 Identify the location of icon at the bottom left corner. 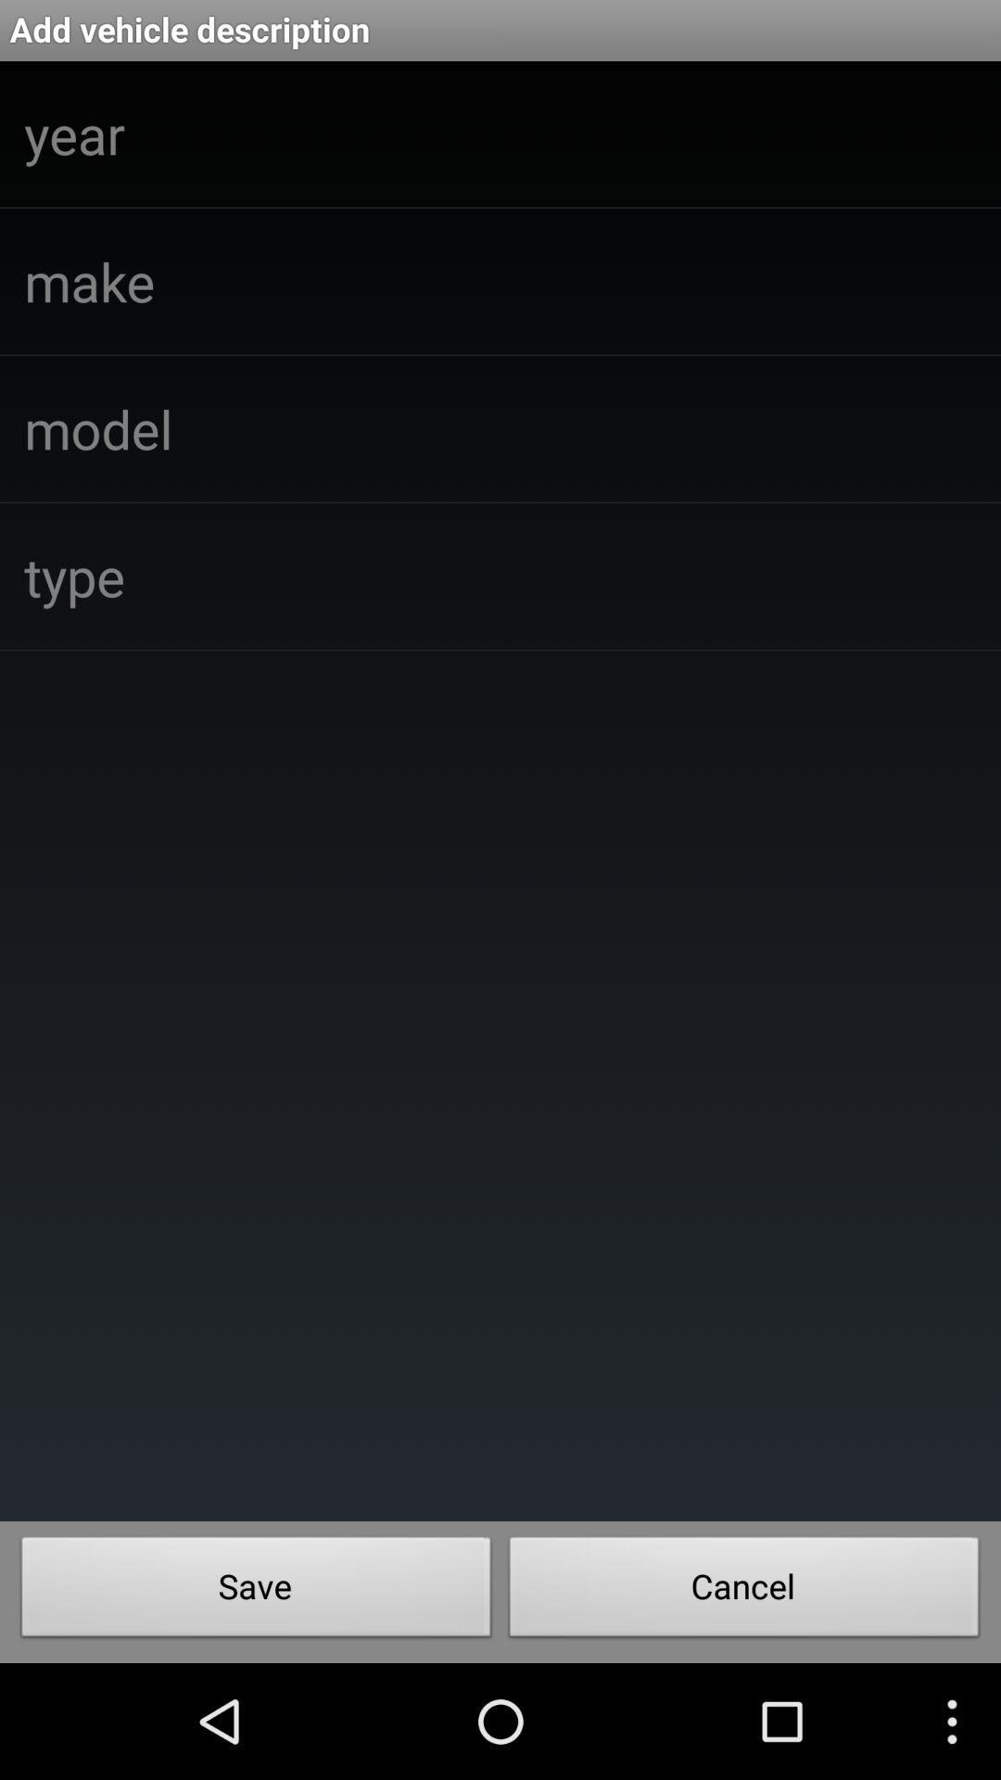
(256, 1591).